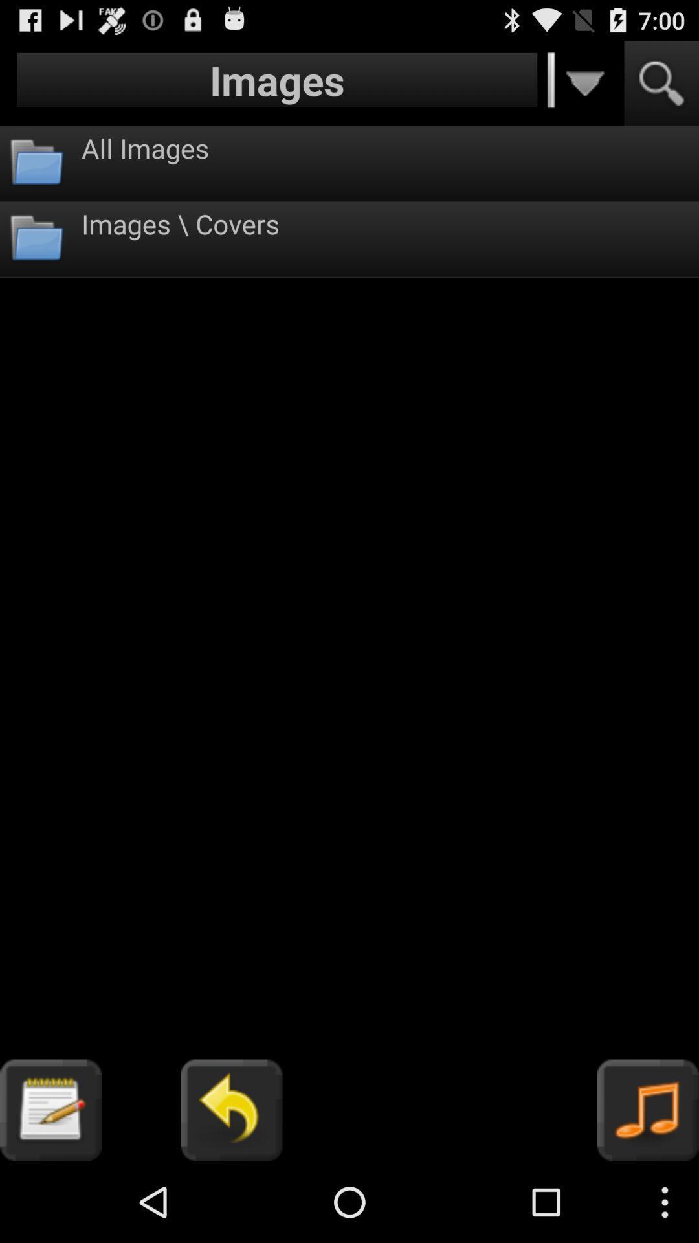 This screenshot has height=1243, width=699. I want to click on the search icon, so click(661, 89).